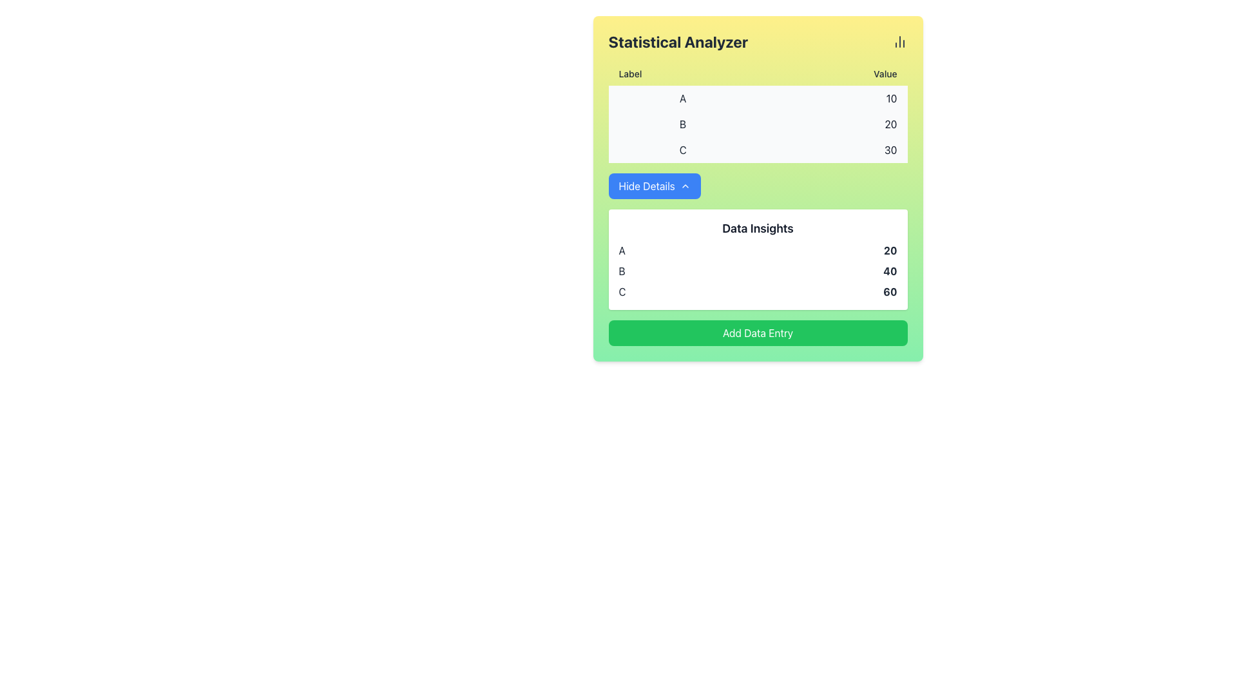  Describe the element at coordinates (677, 41) in the screenshot. I see `the bold textual header labeled 'Statistical Analyzer' which is prominently displayed on a yellow background near the top of the interface` at that location.